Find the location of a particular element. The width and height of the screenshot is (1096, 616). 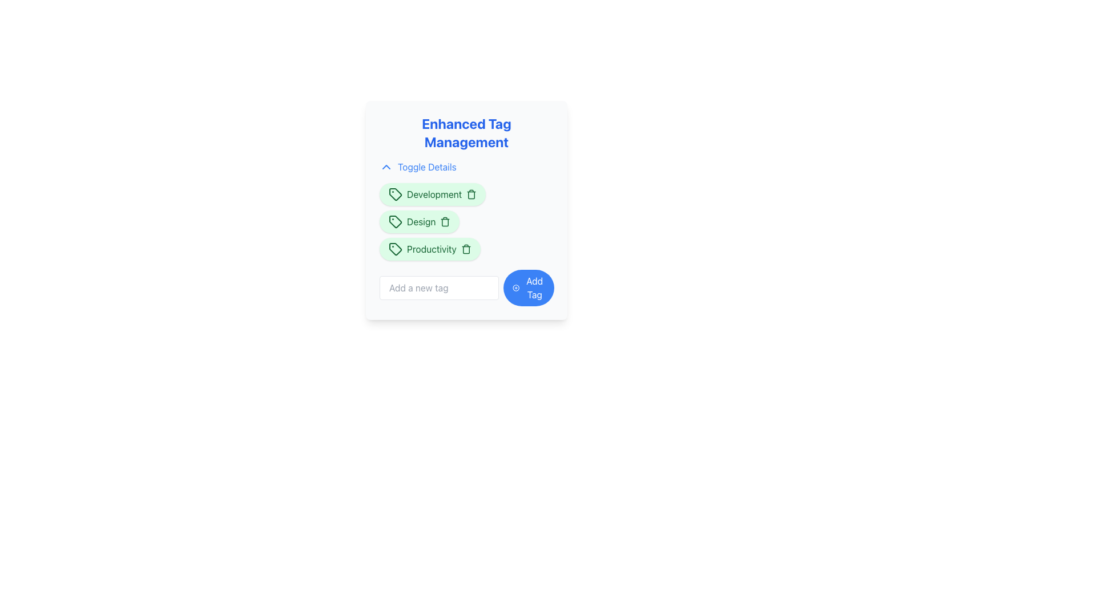

the rounded blue button labeled 'Add Tag' with a white text and an addition icon is located at coordinates (528, 287).